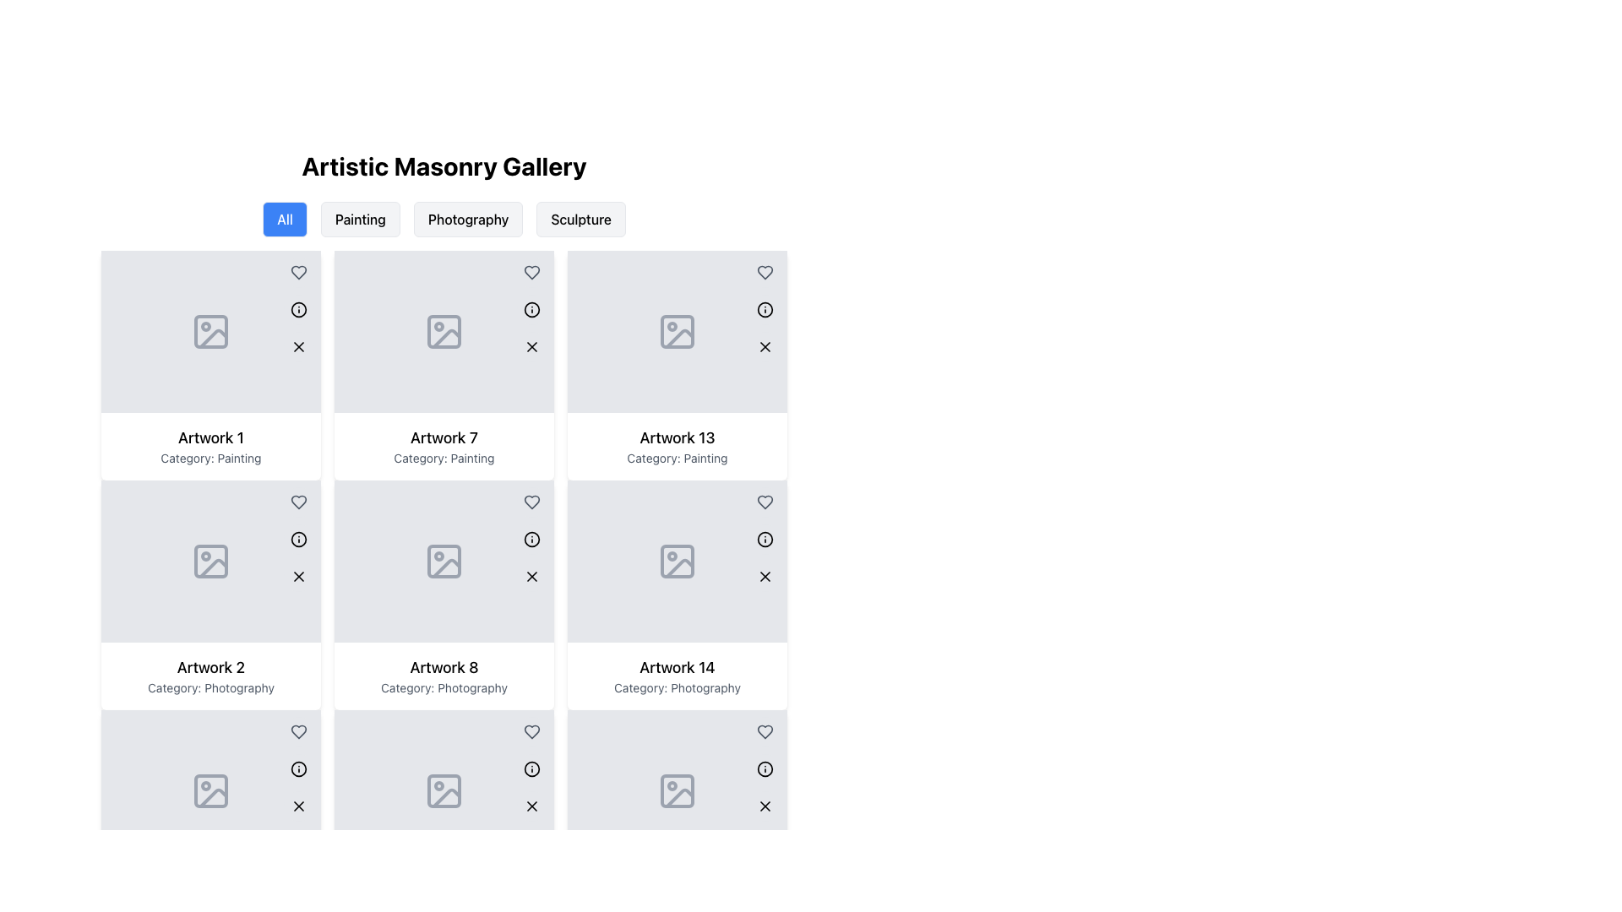 The height and width of the screenshot is (912, 1622). What do you see at coordinates (299, 731) in the screenshot?
I see `the heart icon located inside the card for 'Artwork 2' in the bottom row of the leftmost column to favorite the item` at bounding box center [299, 731].